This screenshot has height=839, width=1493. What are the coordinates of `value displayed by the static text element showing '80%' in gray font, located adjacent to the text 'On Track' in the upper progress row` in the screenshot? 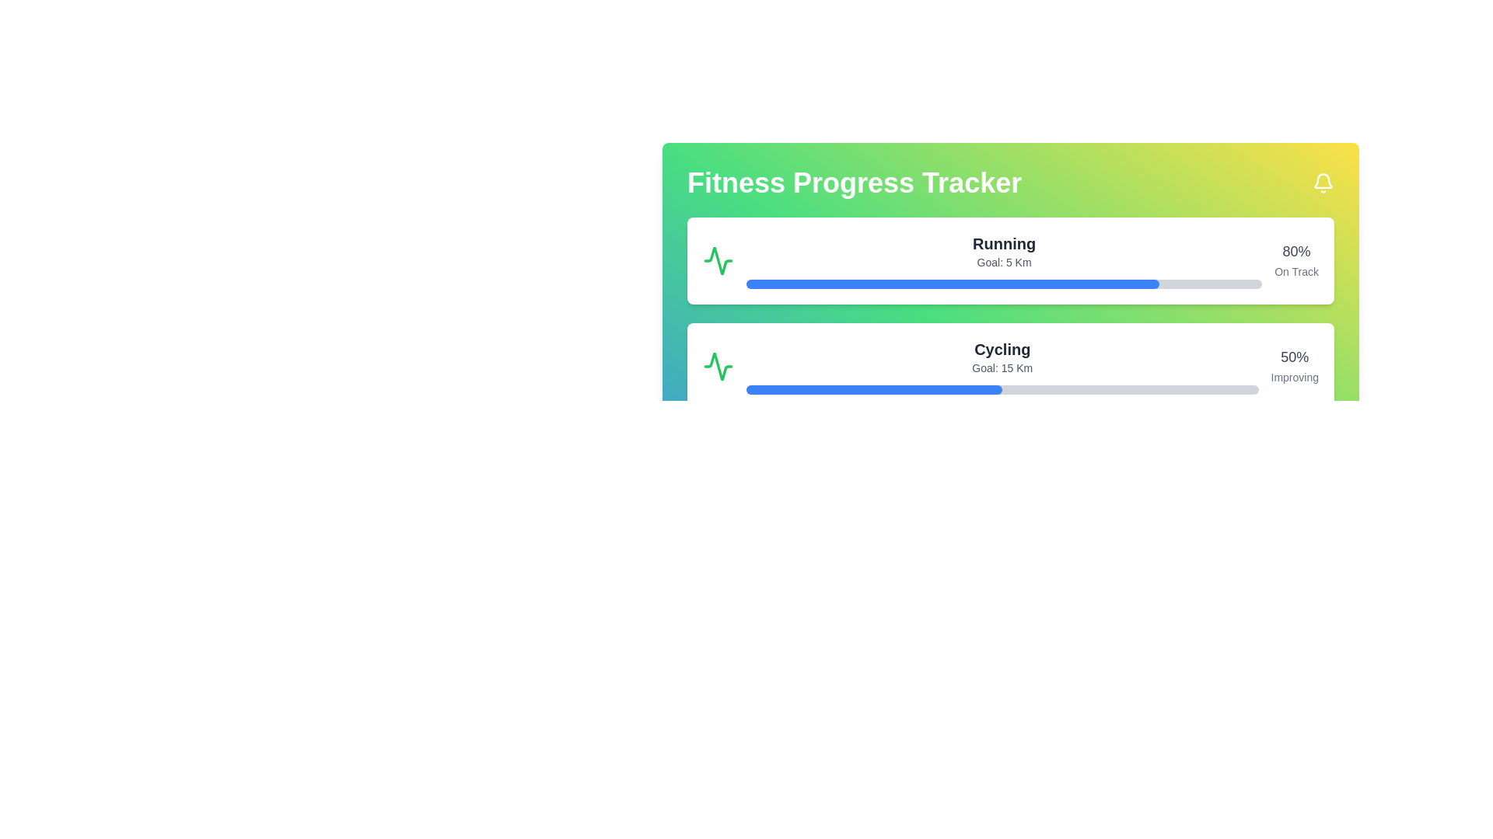 It's located at (1296, 251).